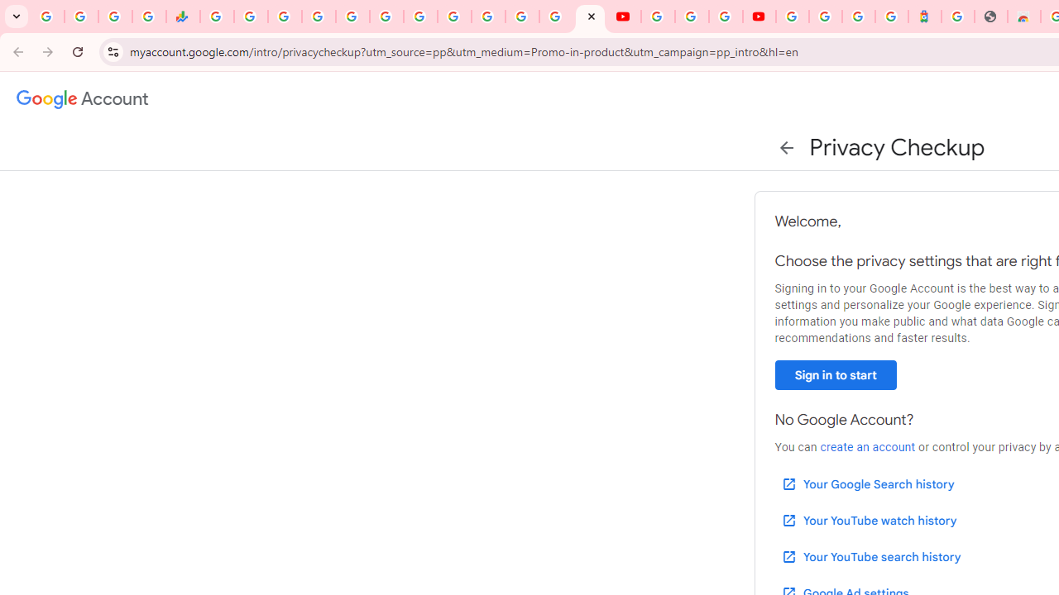  What do you see at coordinates (835, 375) in the screenshot?
I see `'Sign in to start'` at bounding box center [835, 375].